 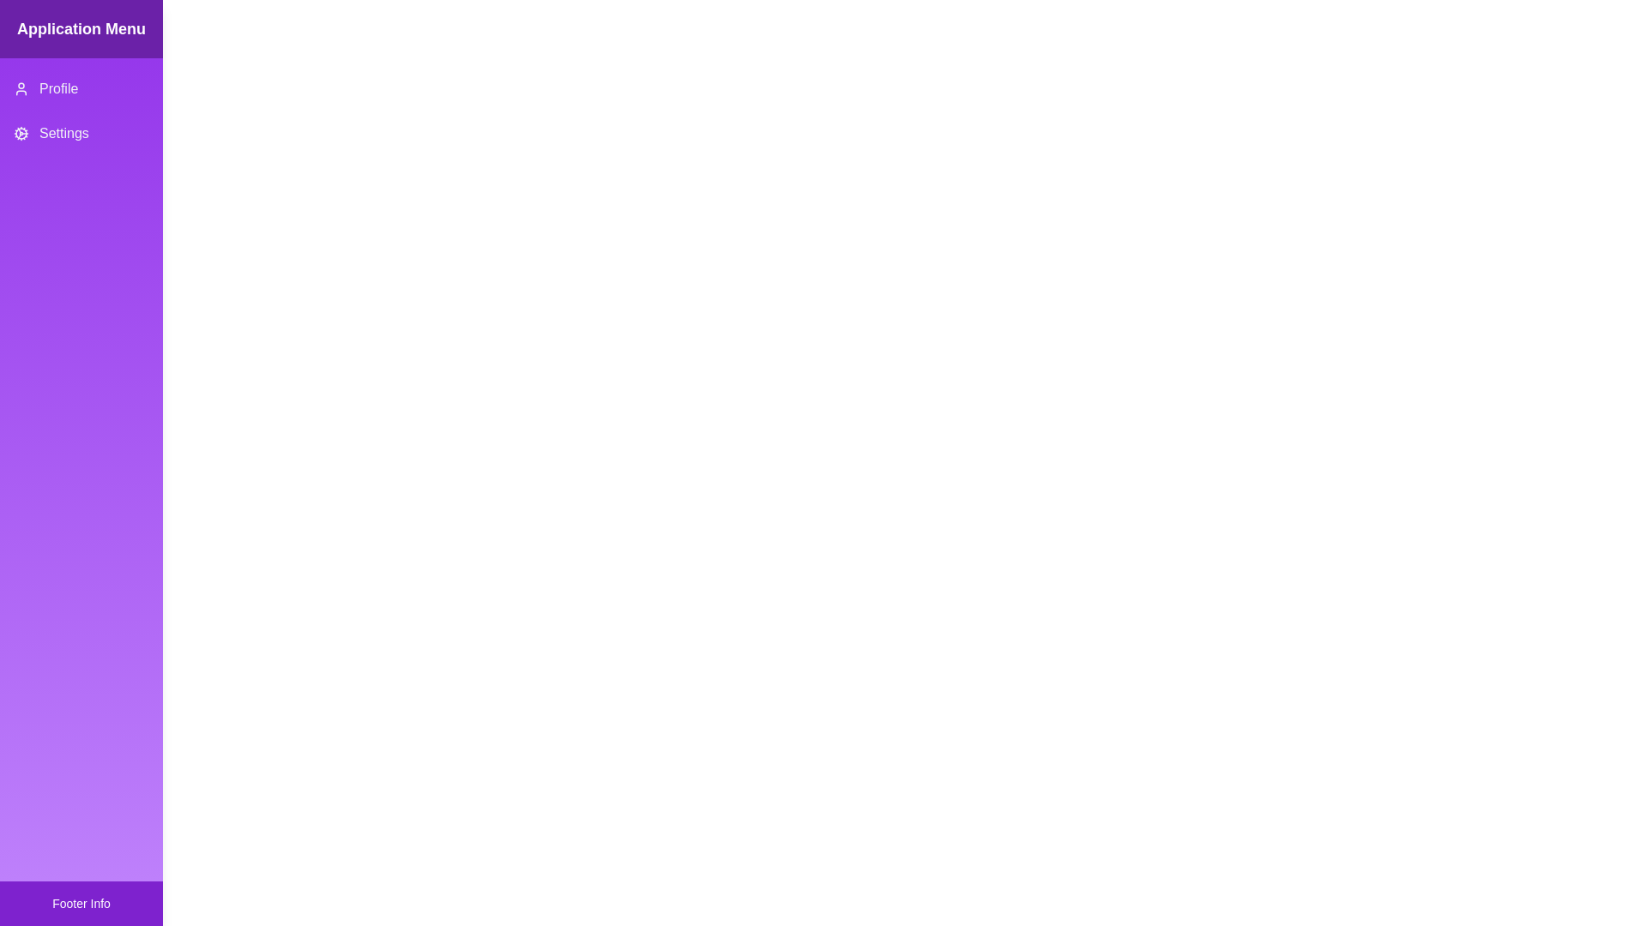 What do you see at coordinates (33, 33) in the screenshot?
I see `the button at the top-left corner to toggle the drawer's visibility` at bounding box center [33, 33].